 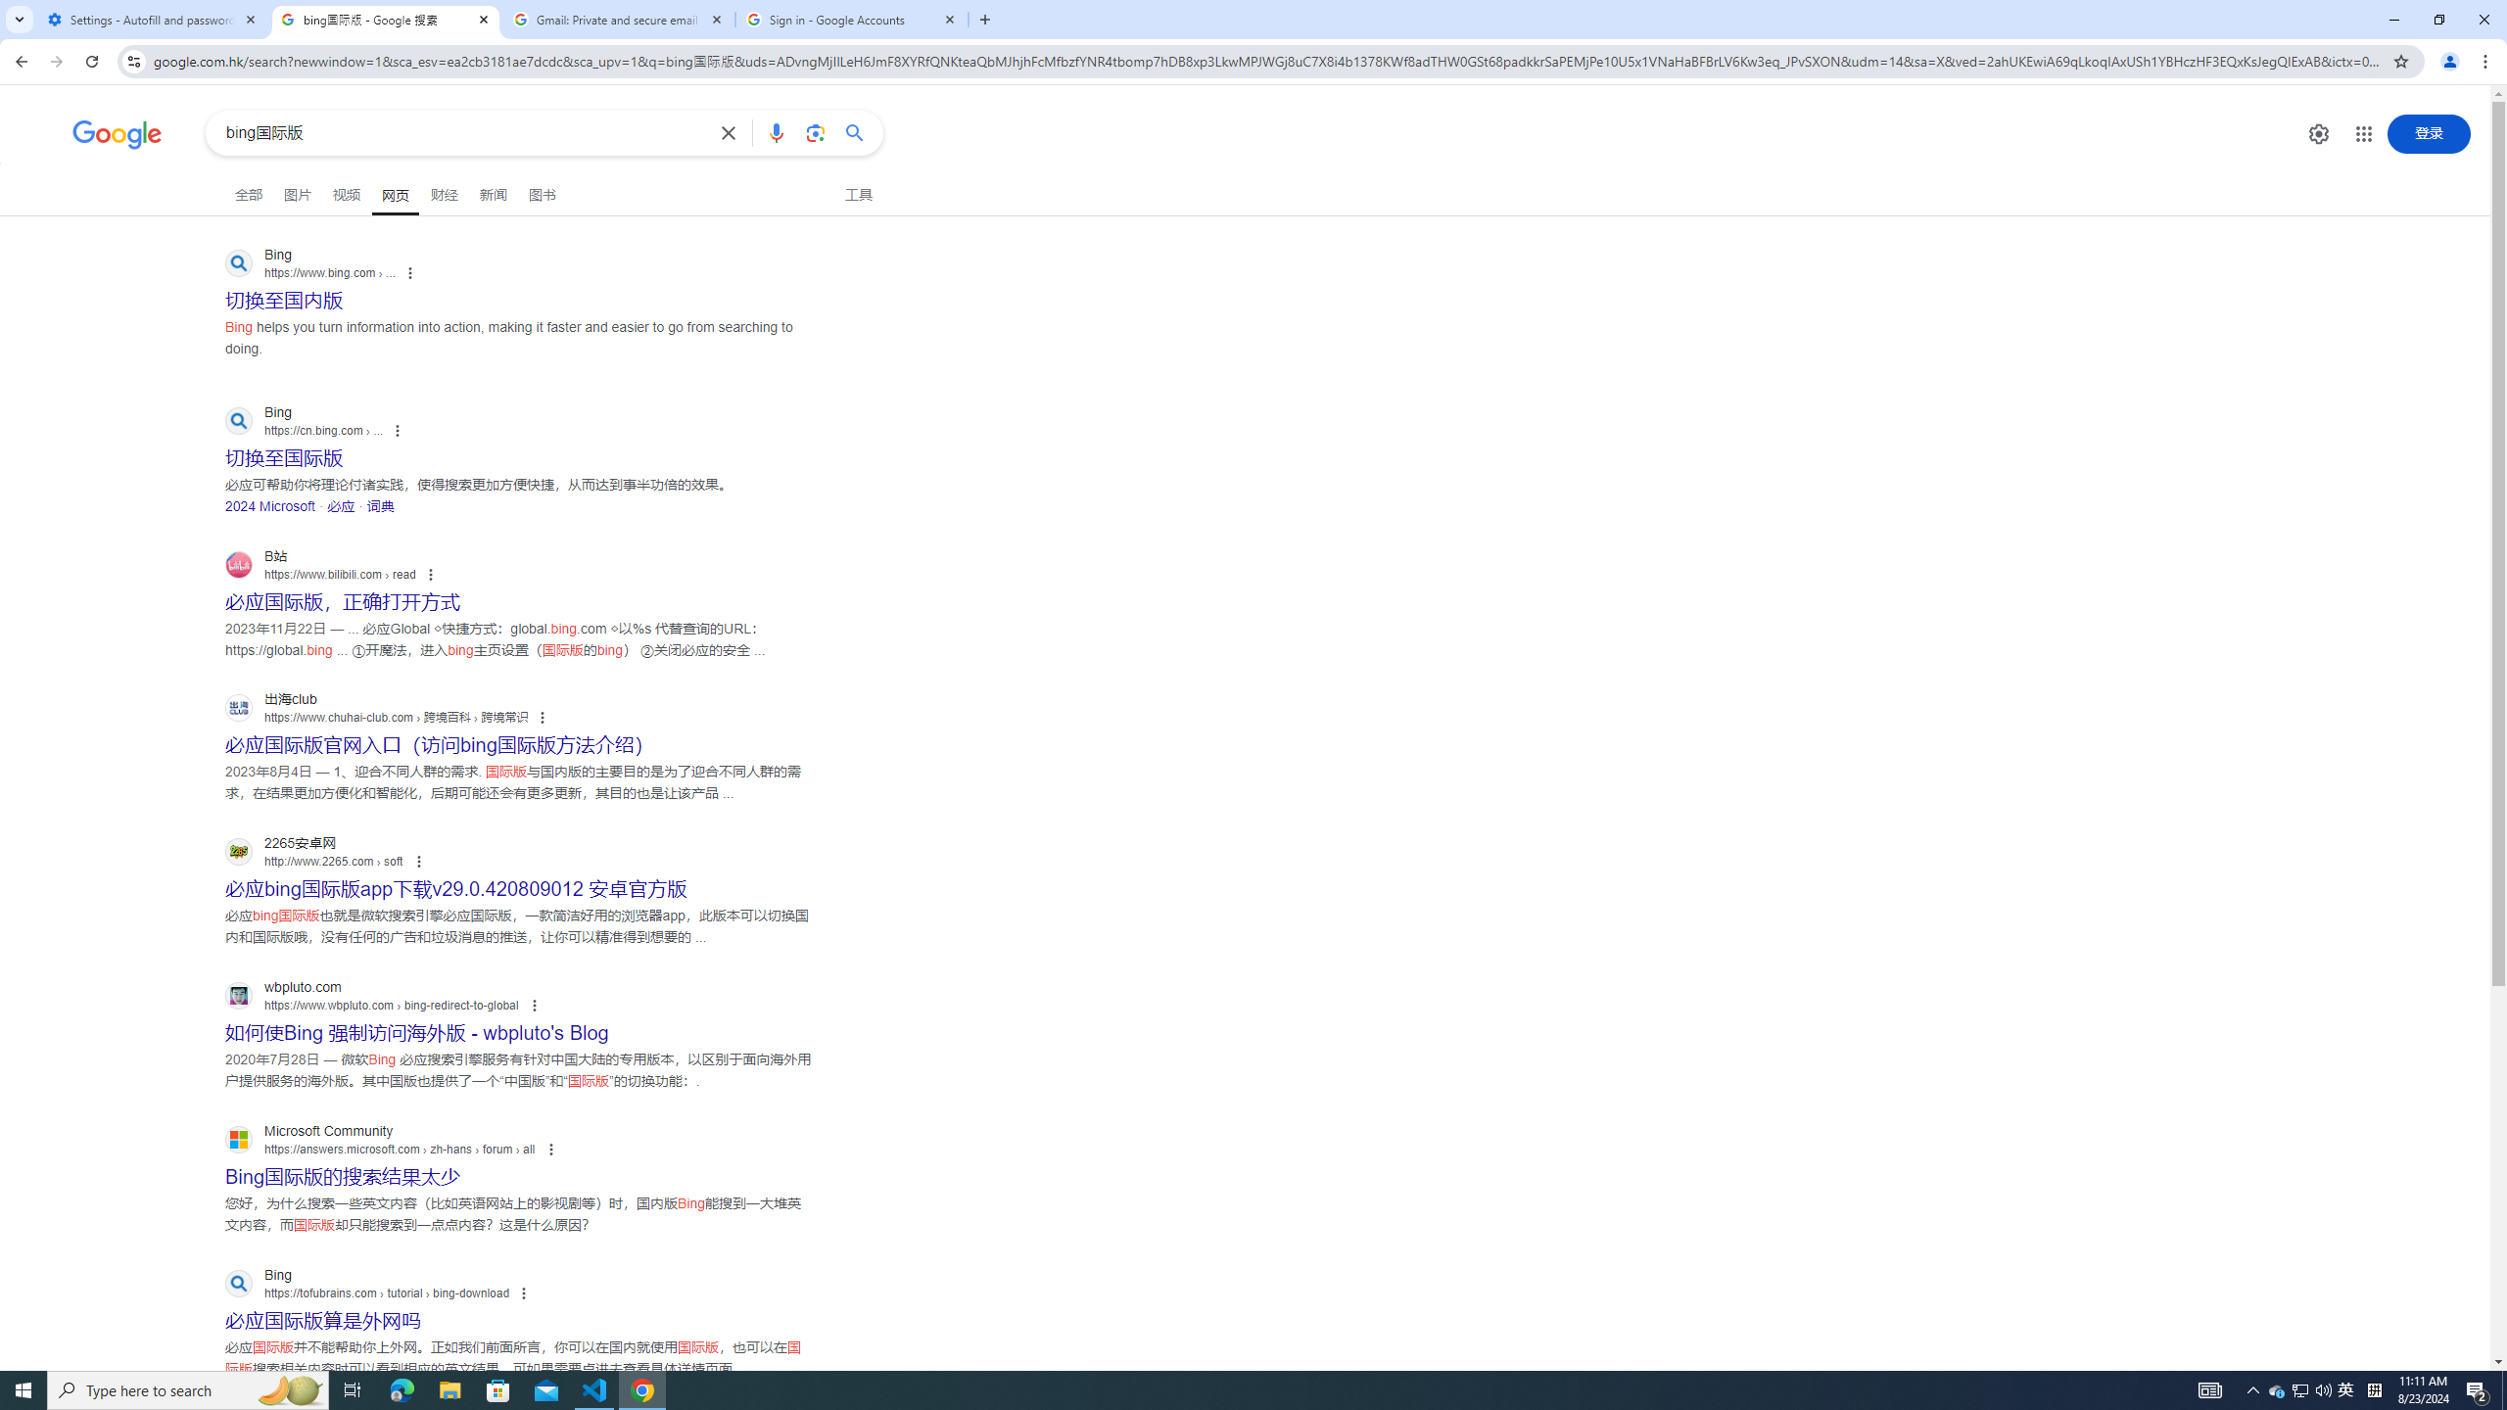 I want to click on 'System', so click(x=11, y=9).